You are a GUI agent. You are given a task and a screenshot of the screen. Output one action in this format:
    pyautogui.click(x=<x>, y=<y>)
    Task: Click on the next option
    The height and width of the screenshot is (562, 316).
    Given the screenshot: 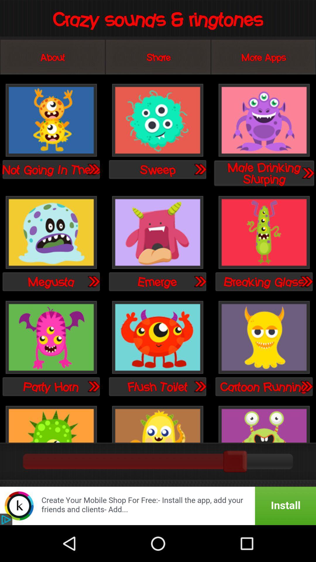 What is the action you would take?
    pyautogui.click(x=308, y=172)
    